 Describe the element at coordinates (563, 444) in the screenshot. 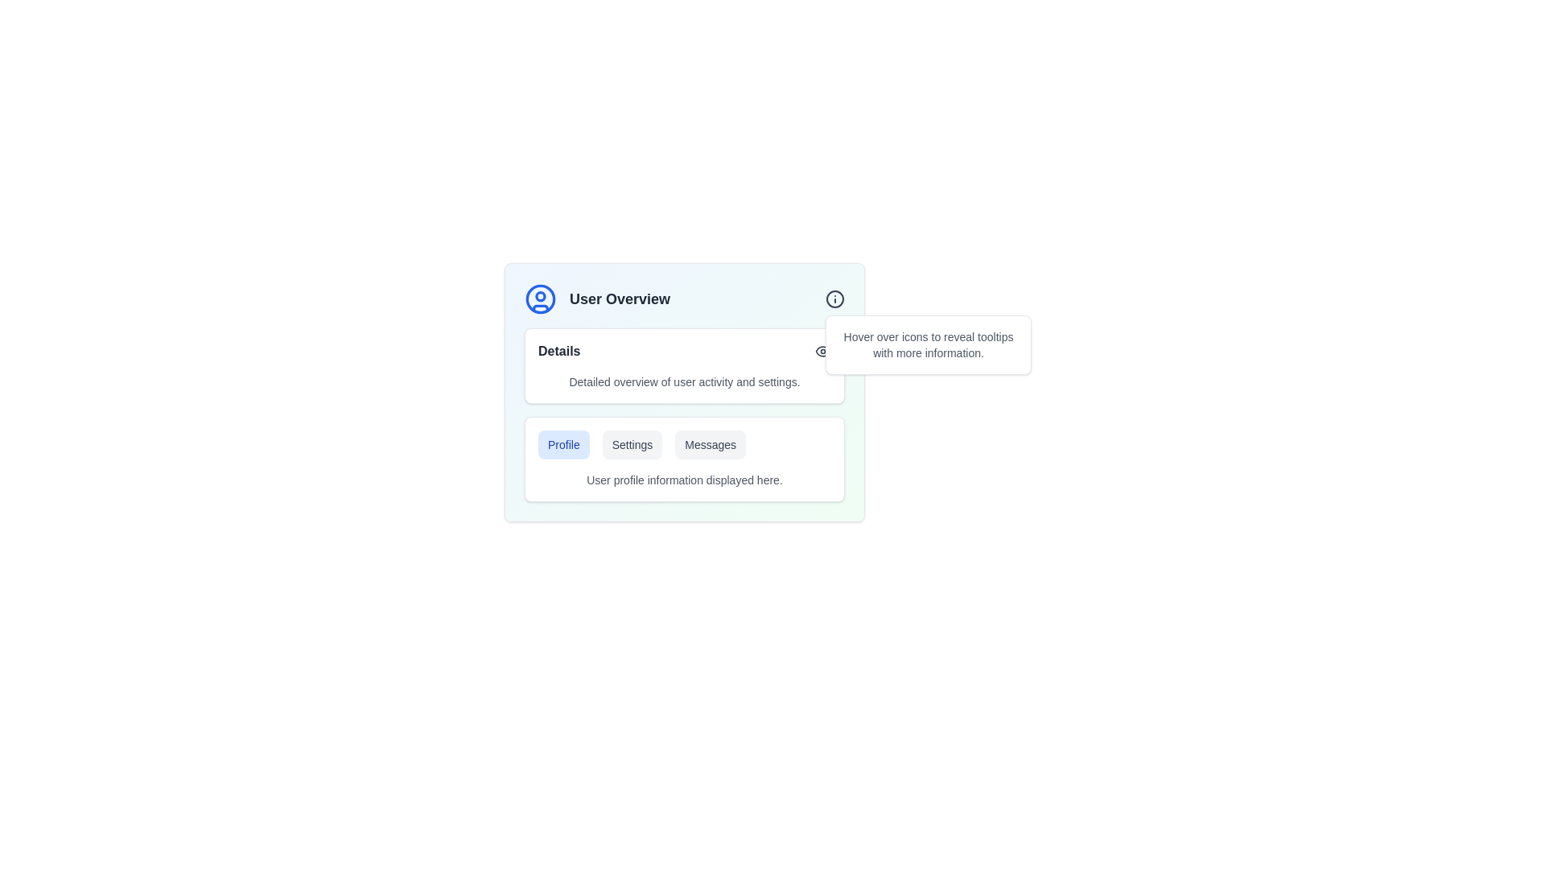

I see `the 'Profile' button, which is styled with rounded corners, a blue background, and blue text, positioned on the leftmost side of three buttons` at that location.